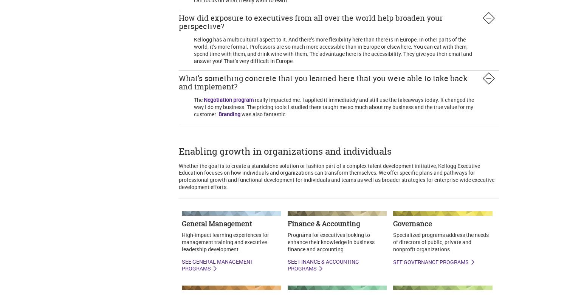  I want to click on 'Specialized programs address the needs of directors of public, private and nonprofit organizations.', so click(393, 241).